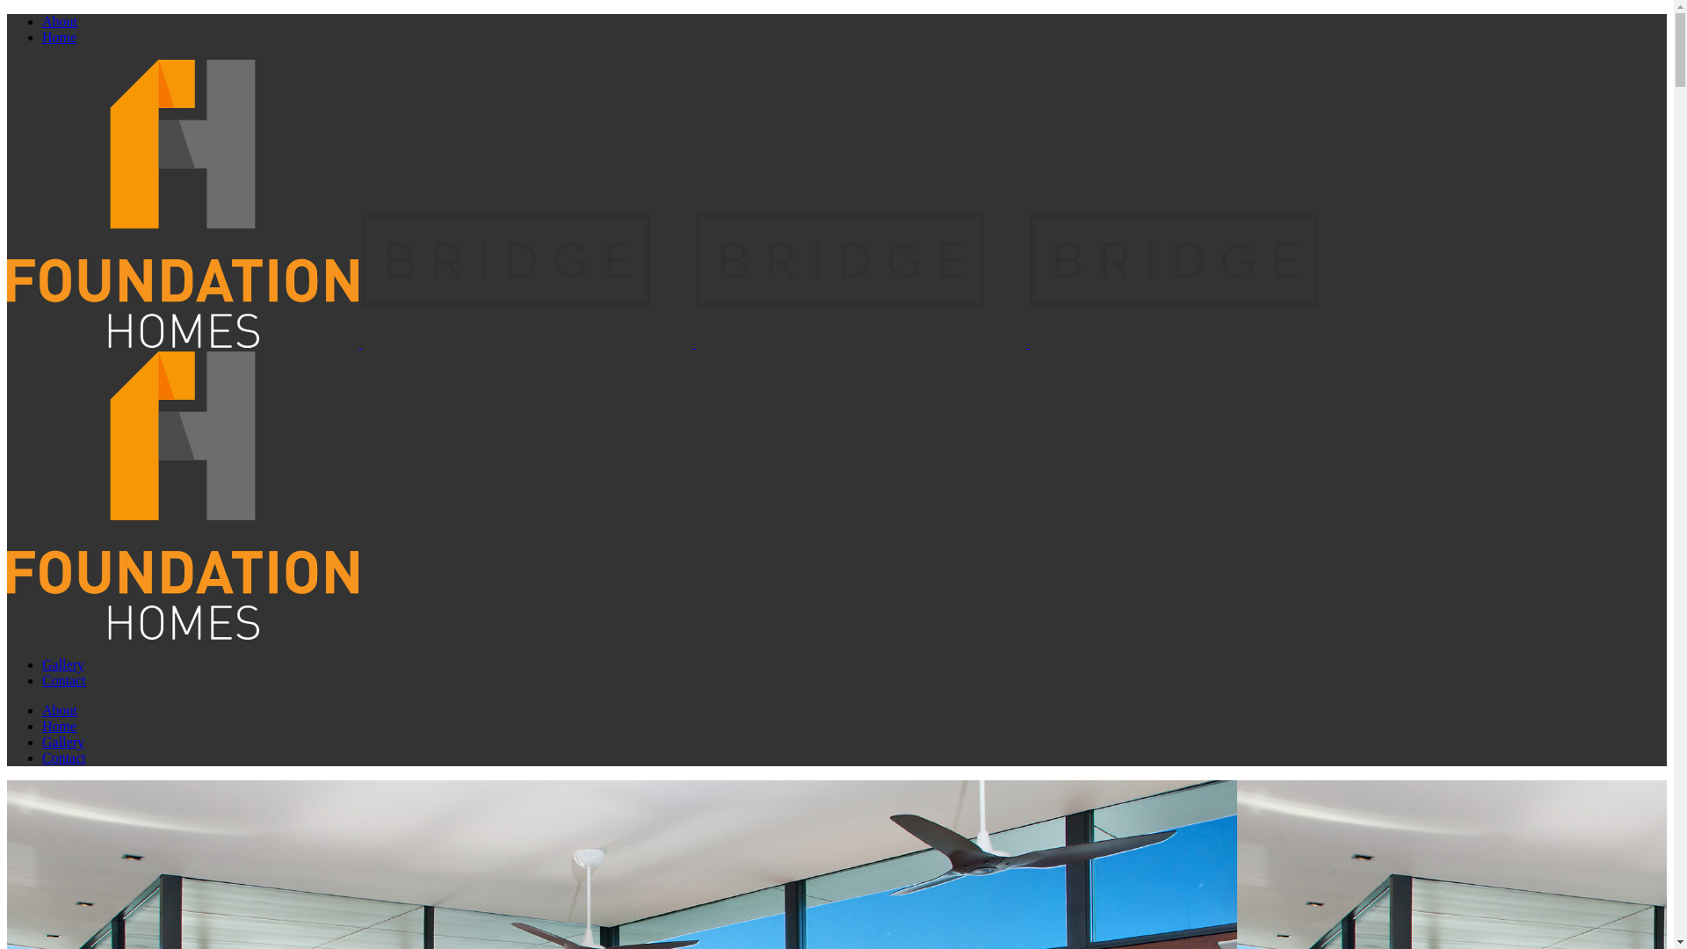 Image resolution: width=1687 pixels, height=949 pixels. I want to click on 'Gallery', so click(63, 664).